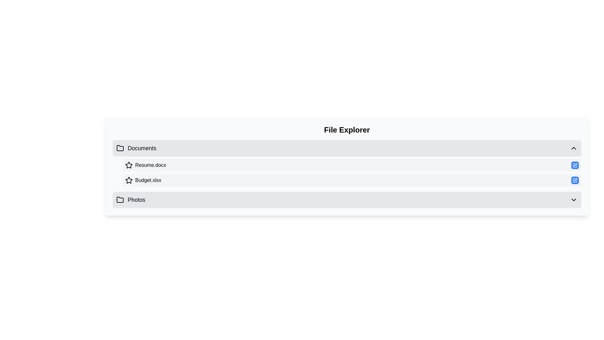 The height and width of the screenshot is (340, 604). What do you see at coordinates (120, 148) in the screenshot?
I see `the 'Documents' folder icon, which is the first element in its row, located to the left of the label text 'Documents'` at bounding box center [120, 148].